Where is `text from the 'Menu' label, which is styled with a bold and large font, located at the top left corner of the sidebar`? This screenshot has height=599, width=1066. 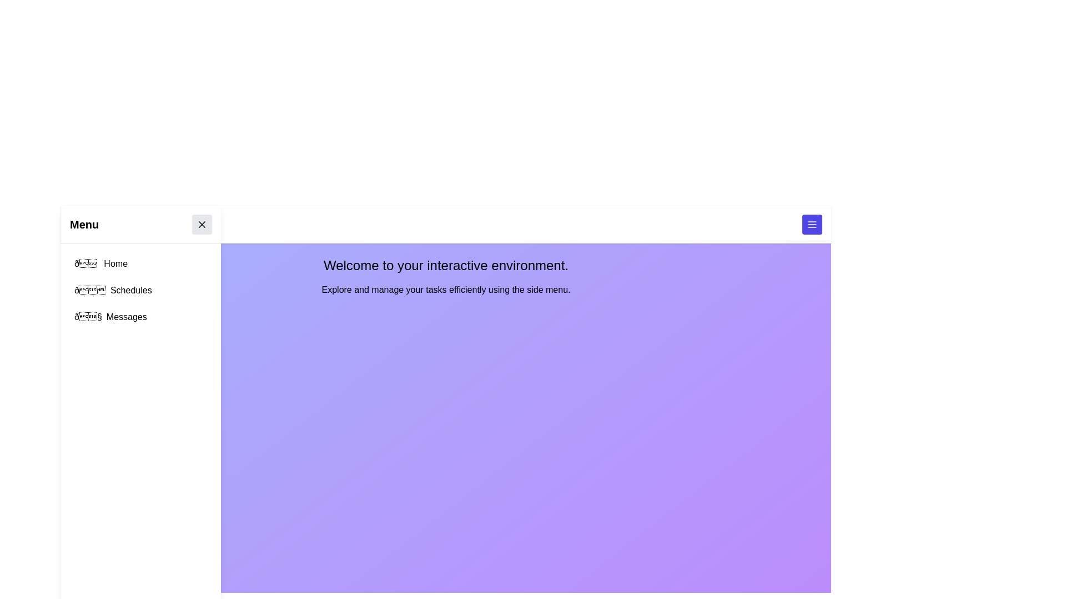
text from the 'Menu' label, which is styled with a bold and large font, located at the top left corner of the sidebar is located at coordinates (84, 225).